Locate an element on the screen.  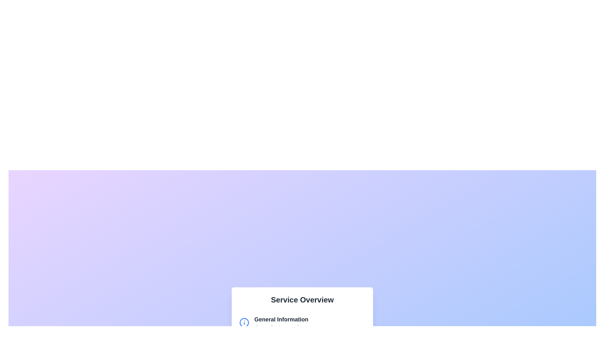
the information icon located to the left of the 'General Information' text under the 'Service Overview' header is located at coordinates (244, 323).